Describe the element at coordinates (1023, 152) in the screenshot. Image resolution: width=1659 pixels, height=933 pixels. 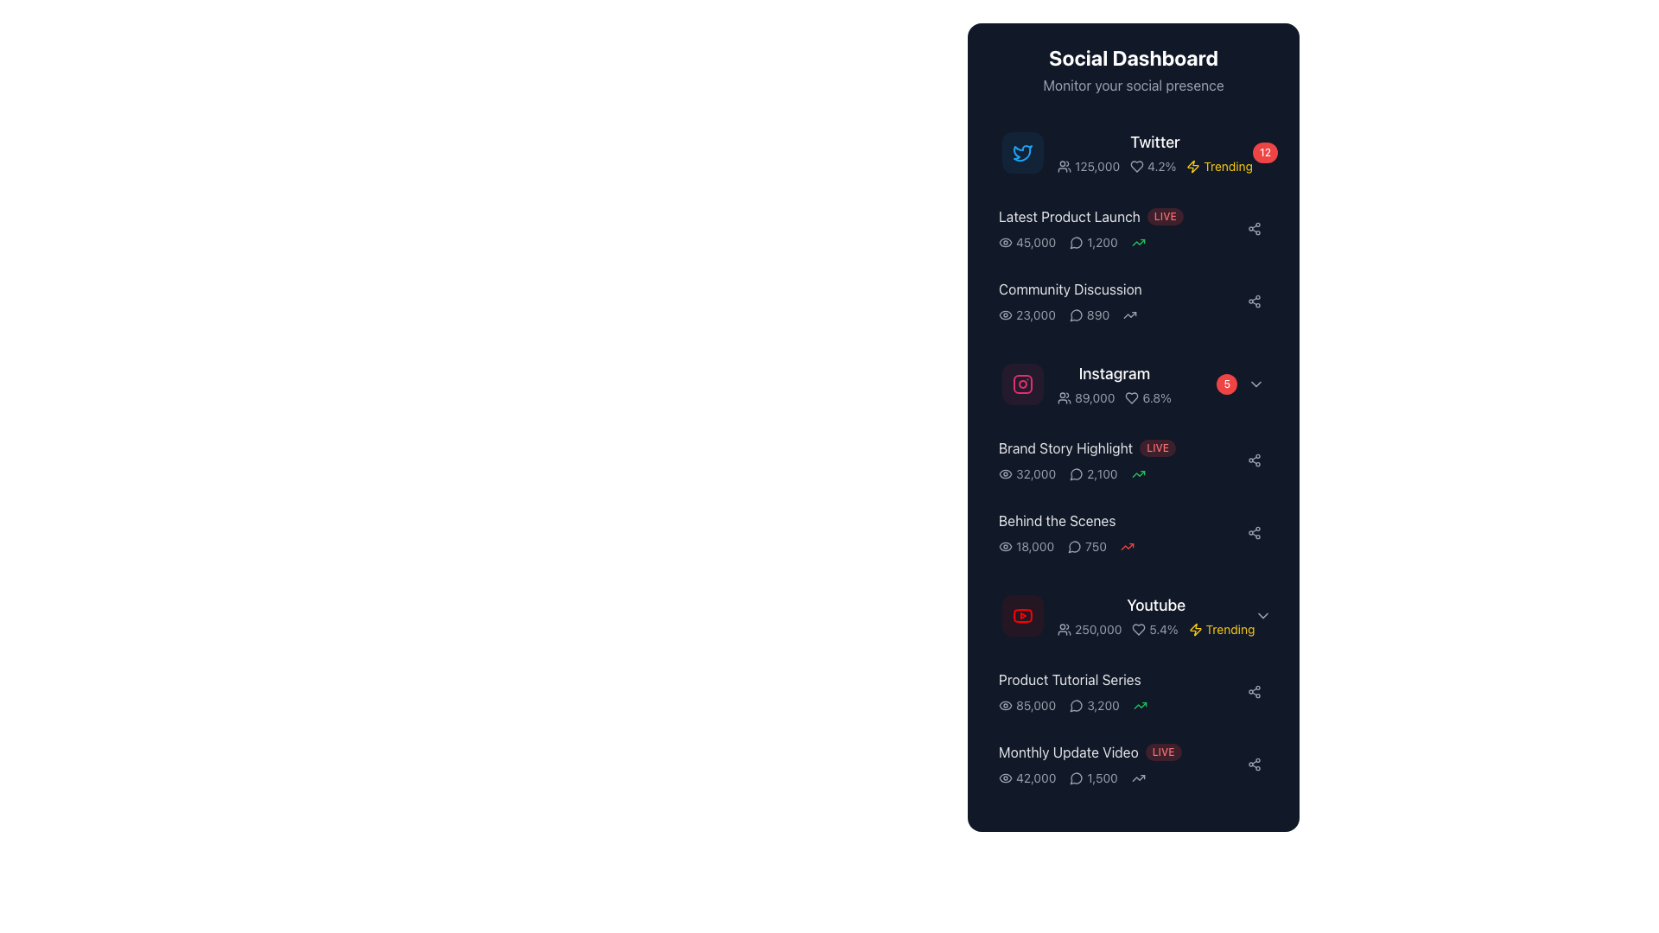
I see `the small Twitter logo, which is light blue and outlined, located in the top-left section of the social media logos list in the dashboard interface` at that location.